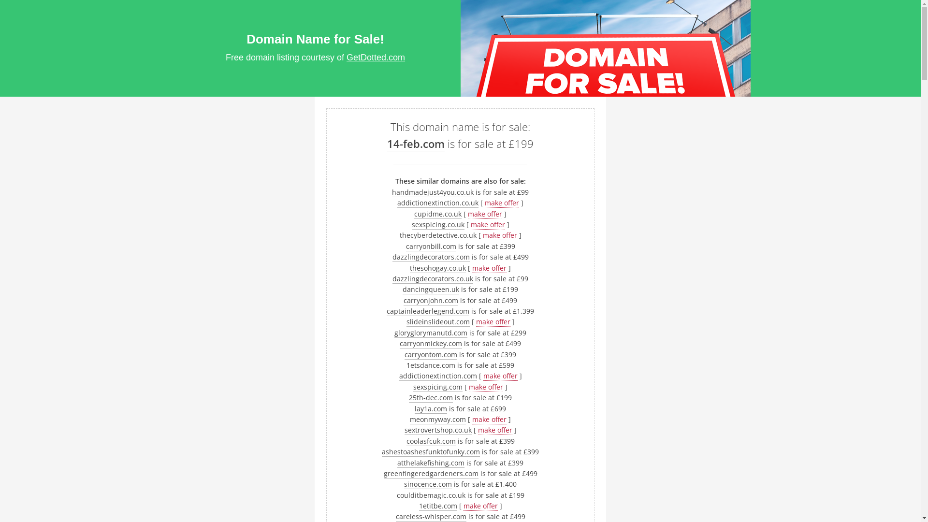  I want to click on 'captainleaderlegend.com', so click(427, 311).